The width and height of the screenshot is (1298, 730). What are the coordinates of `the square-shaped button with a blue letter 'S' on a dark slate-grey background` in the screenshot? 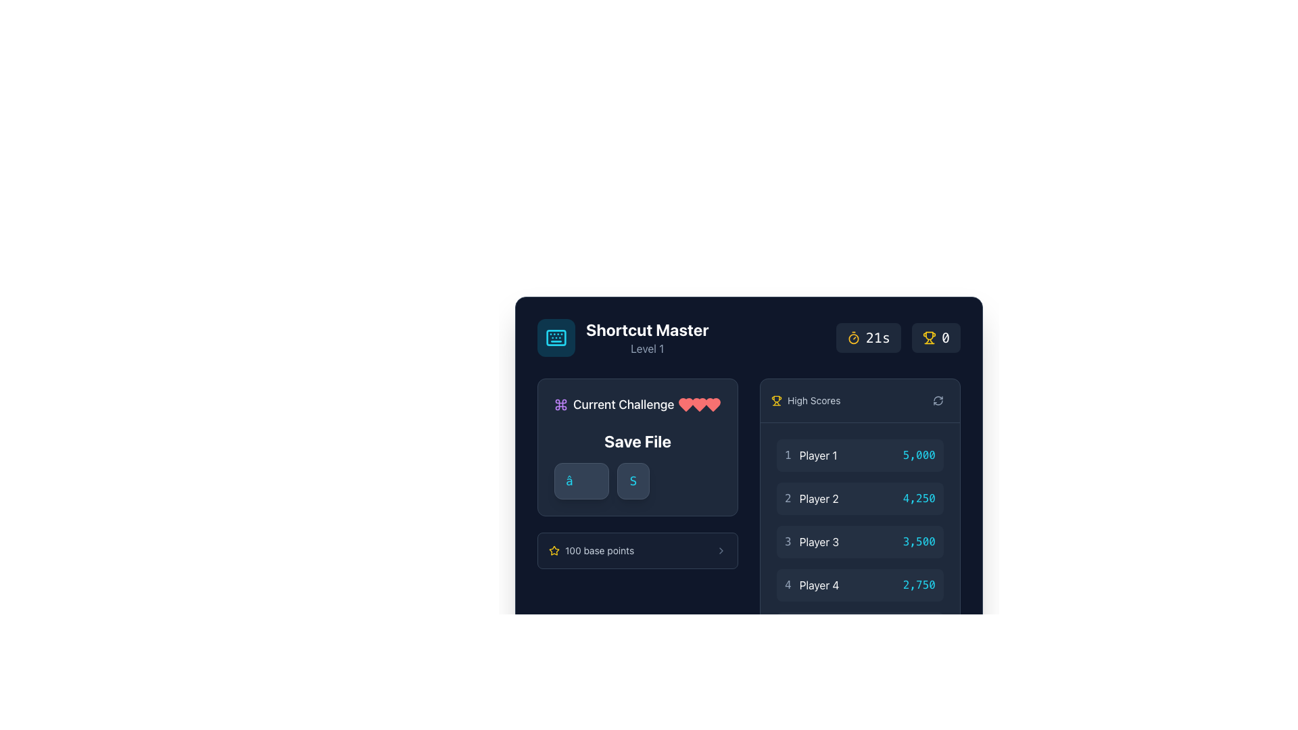 It's located at (632, 481).